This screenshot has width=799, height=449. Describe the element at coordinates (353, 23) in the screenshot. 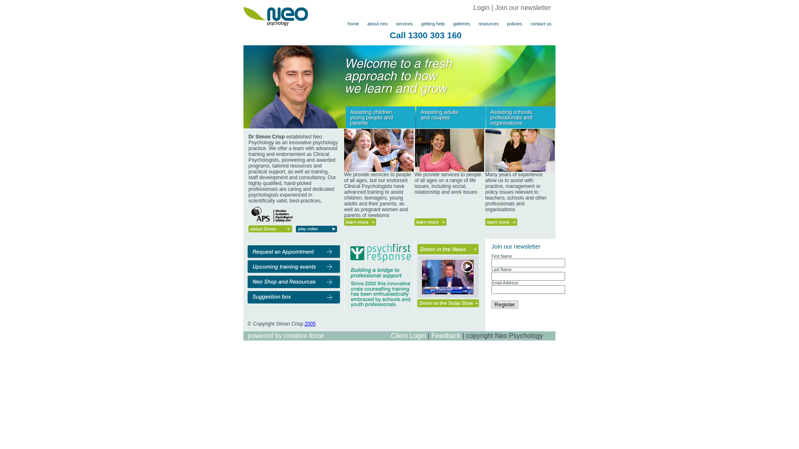

I see `'home'` at that location.